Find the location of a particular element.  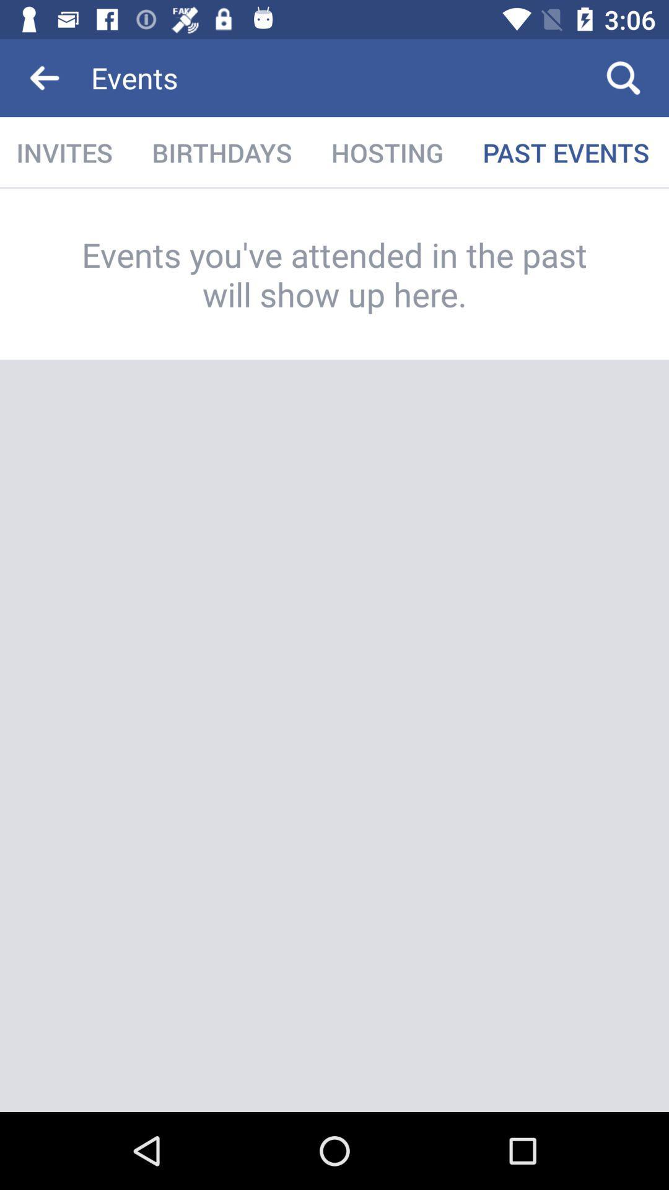

the invites item is located at coordinates (66, 152).